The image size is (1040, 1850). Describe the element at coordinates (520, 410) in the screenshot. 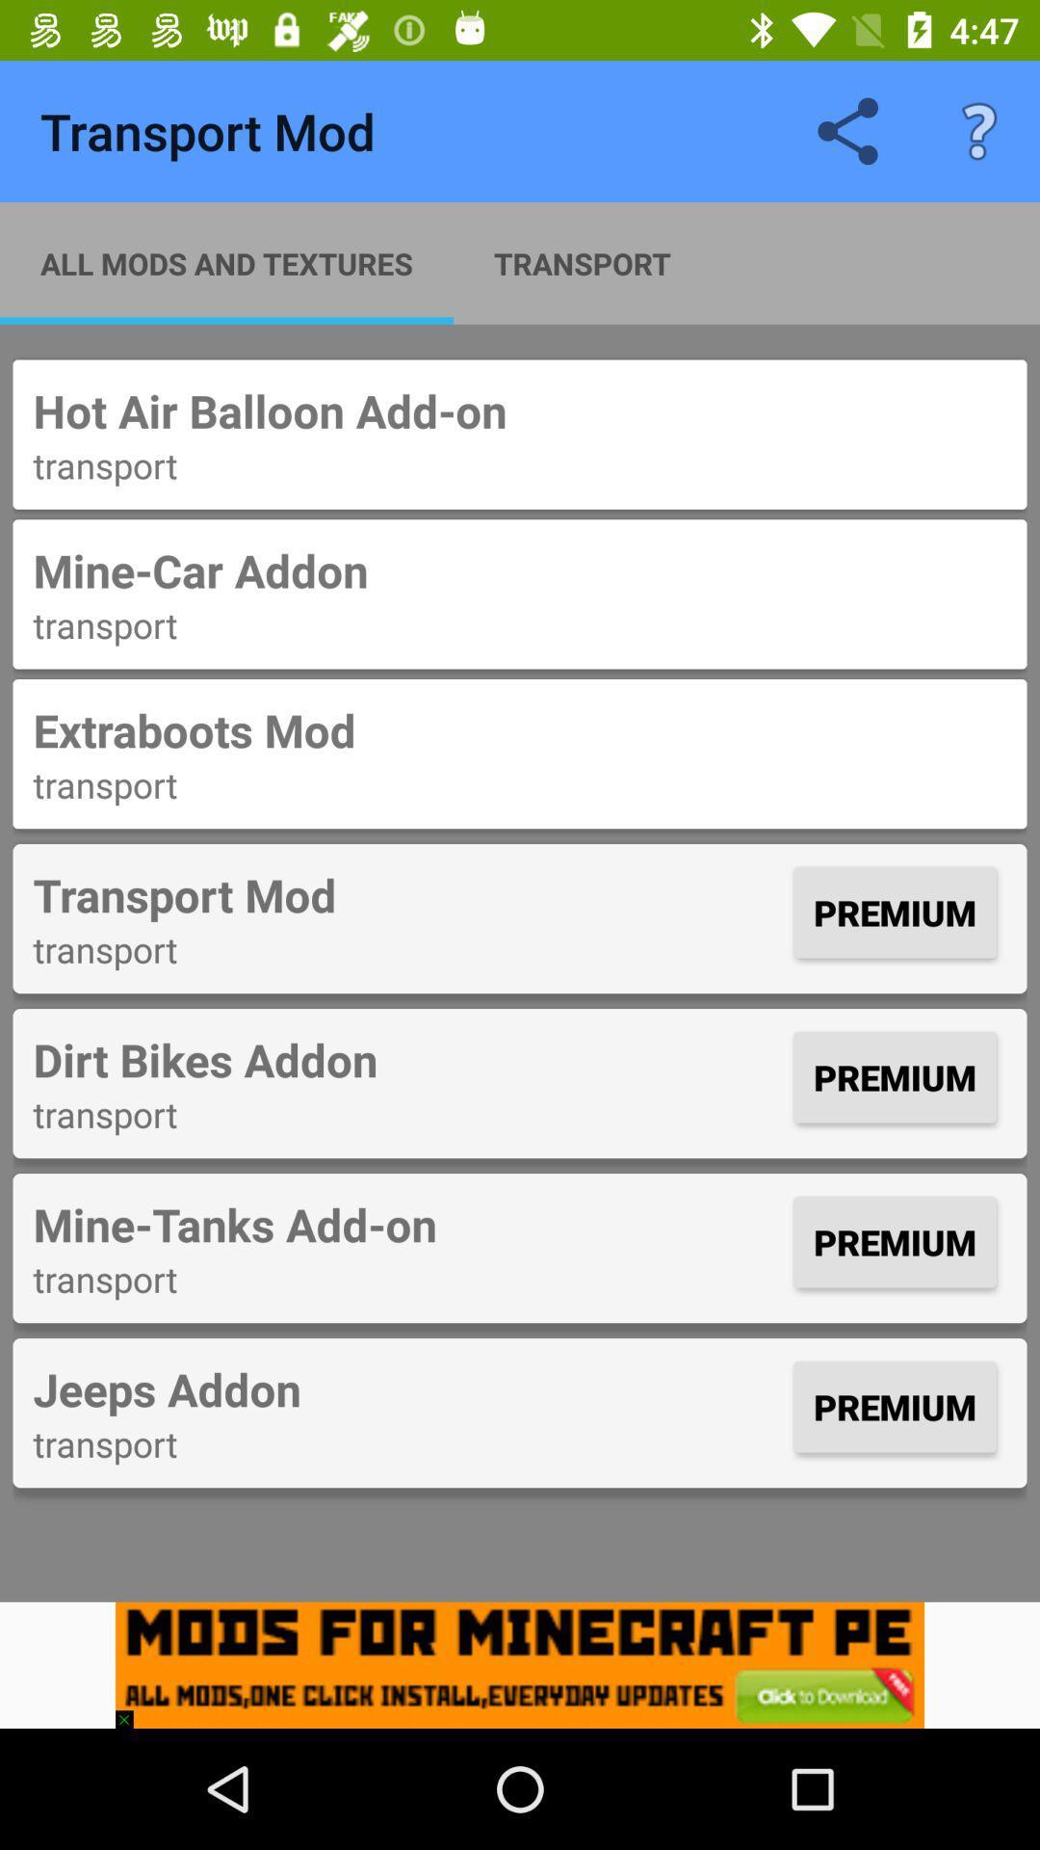

I see `app below all mods and` at that location.